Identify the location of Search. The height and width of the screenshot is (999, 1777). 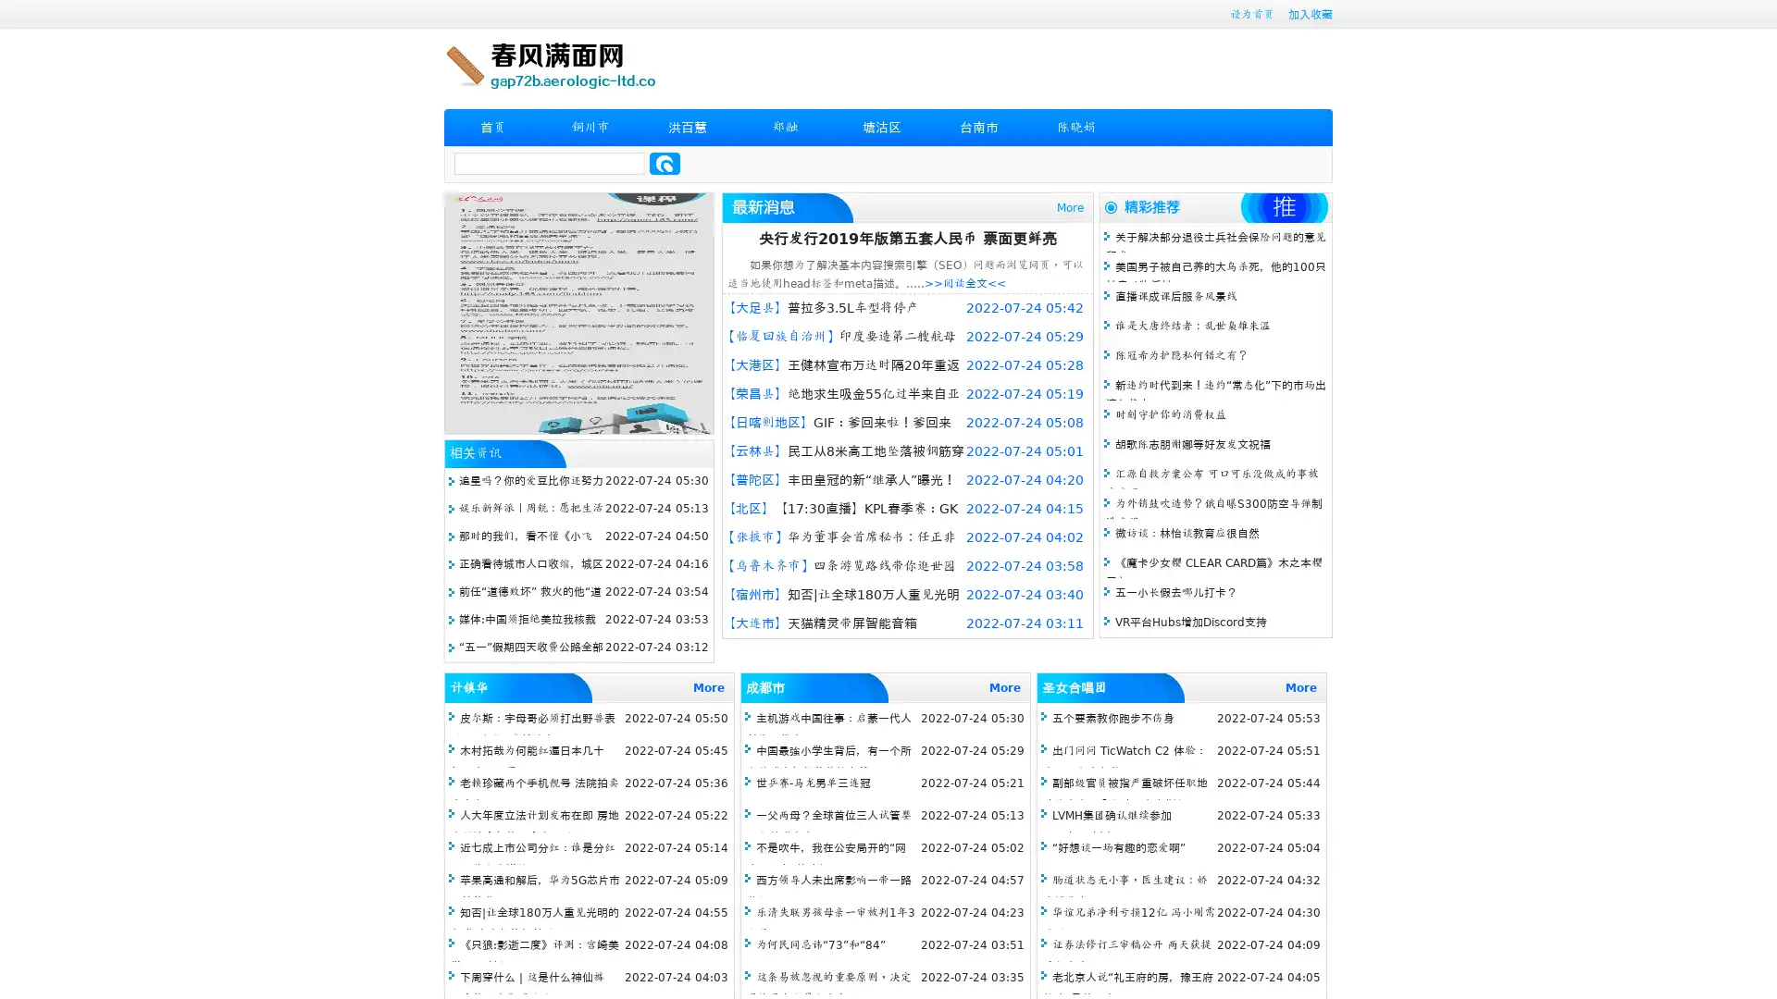
(665, 163).